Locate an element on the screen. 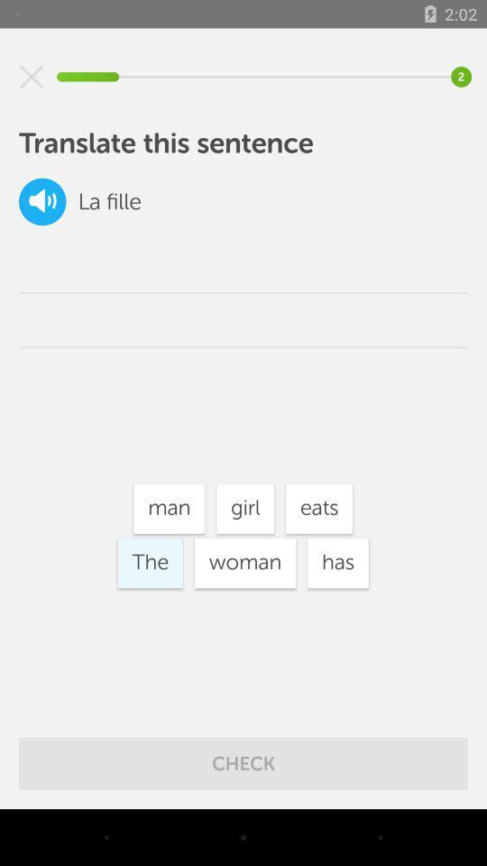 This screenshot has height=866, width=487. icon above the woman is located at coordinates (244, 509).